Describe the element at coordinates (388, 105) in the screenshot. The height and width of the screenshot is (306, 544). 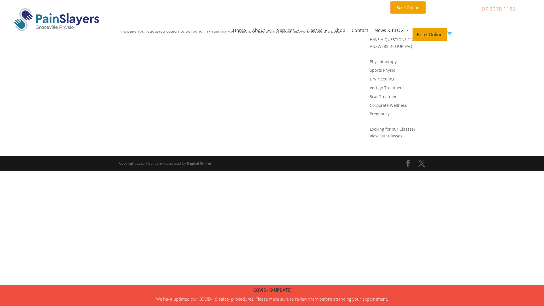
I see `'Corporate Wellness'` at that location.